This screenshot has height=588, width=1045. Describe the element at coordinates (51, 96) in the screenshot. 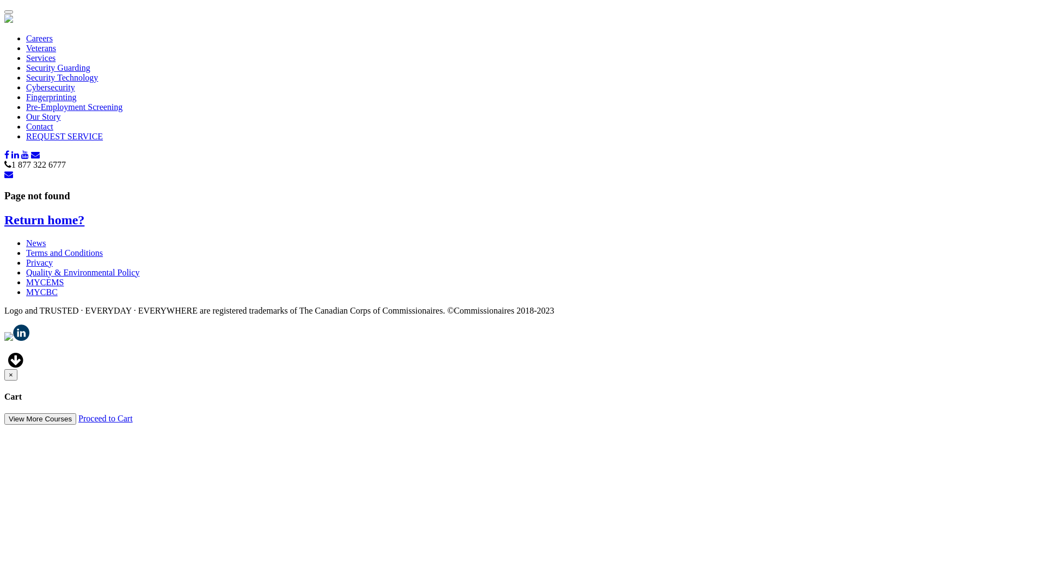

I see `'Fingerprinting'` at that location.